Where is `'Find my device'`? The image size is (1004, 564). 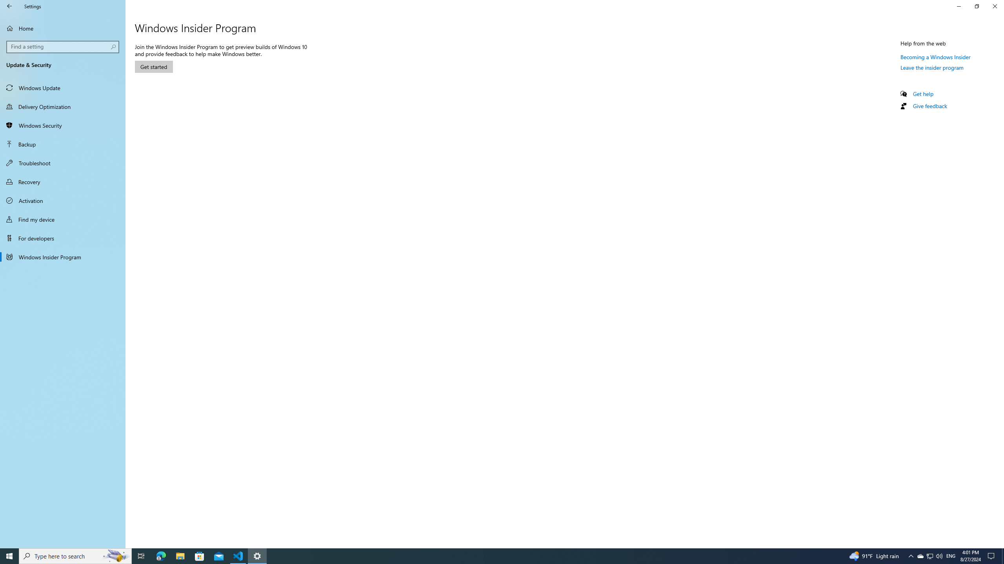
'Find my device' is located at coordinates (62, 219).